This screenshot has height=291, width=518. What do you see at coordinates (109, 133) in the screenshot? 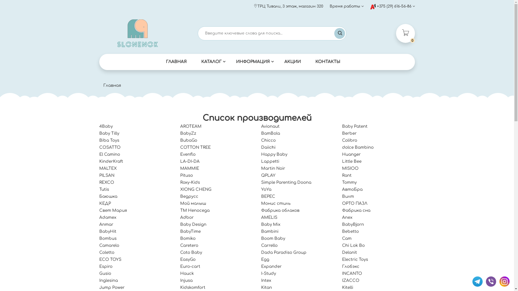
I see `'Baby Tilly'` at bounding box center [109, 133].